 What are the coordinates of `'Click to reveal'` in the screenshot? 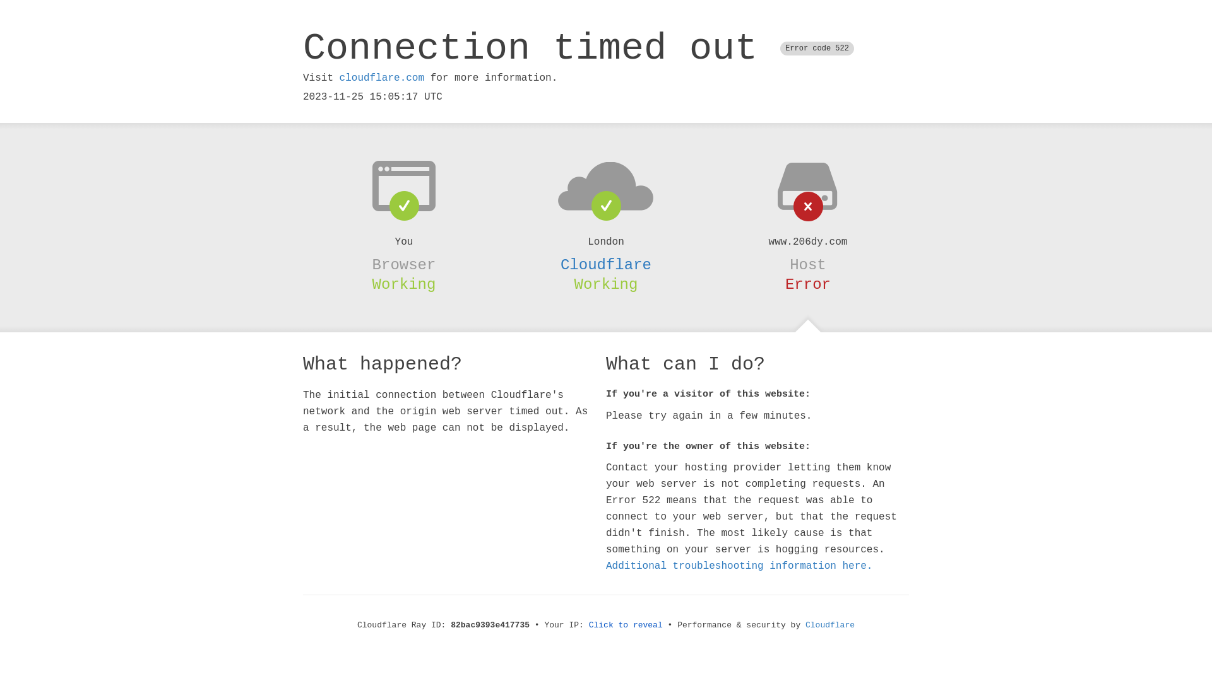 It's located at (626, 625).